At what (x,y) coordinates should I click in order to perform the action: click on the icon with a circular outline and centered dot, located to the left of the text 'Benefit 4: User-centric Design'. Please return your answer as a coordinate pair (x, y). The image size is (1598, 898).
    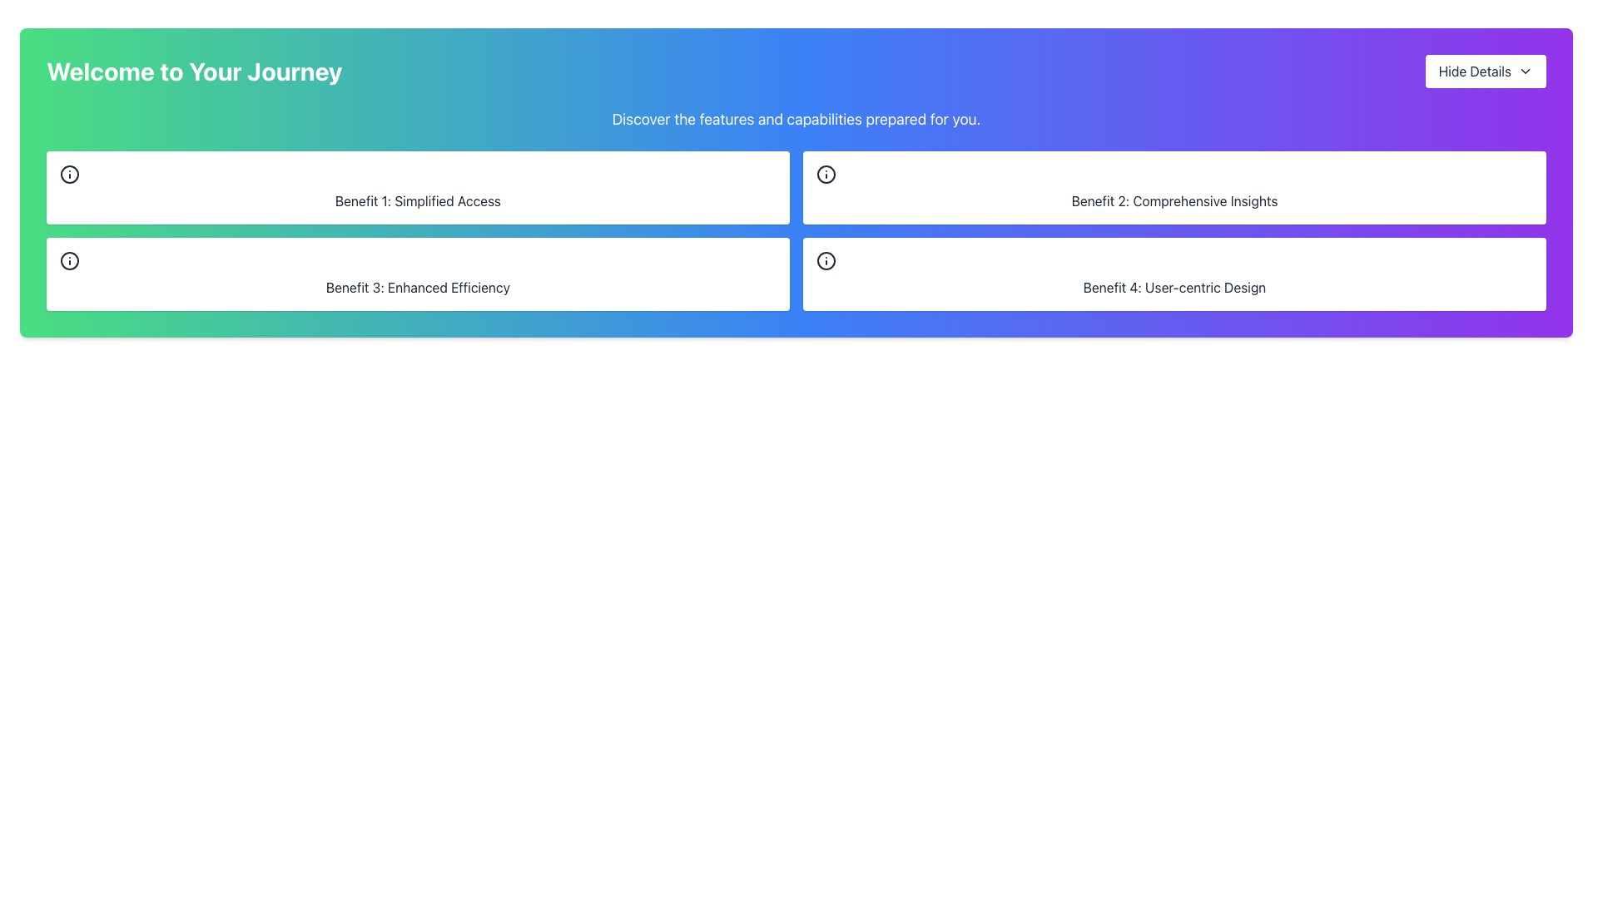
    Looking at the image, I should click on (826, 260).